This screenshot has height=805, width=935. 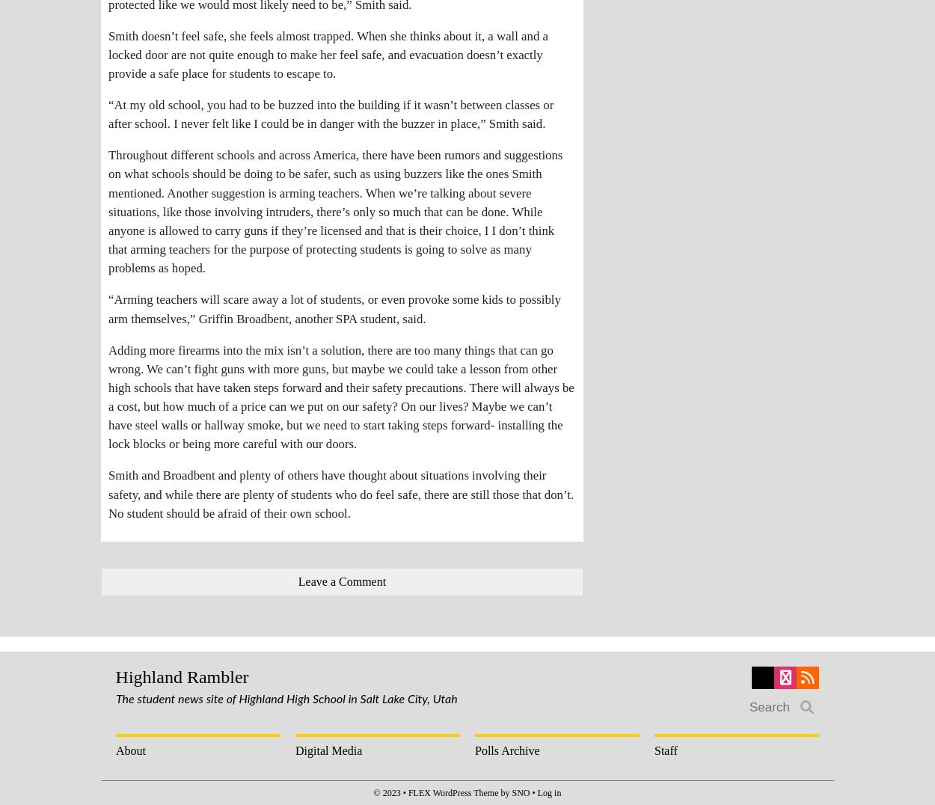 I want to click on 'by', so click(x=505, y=792).